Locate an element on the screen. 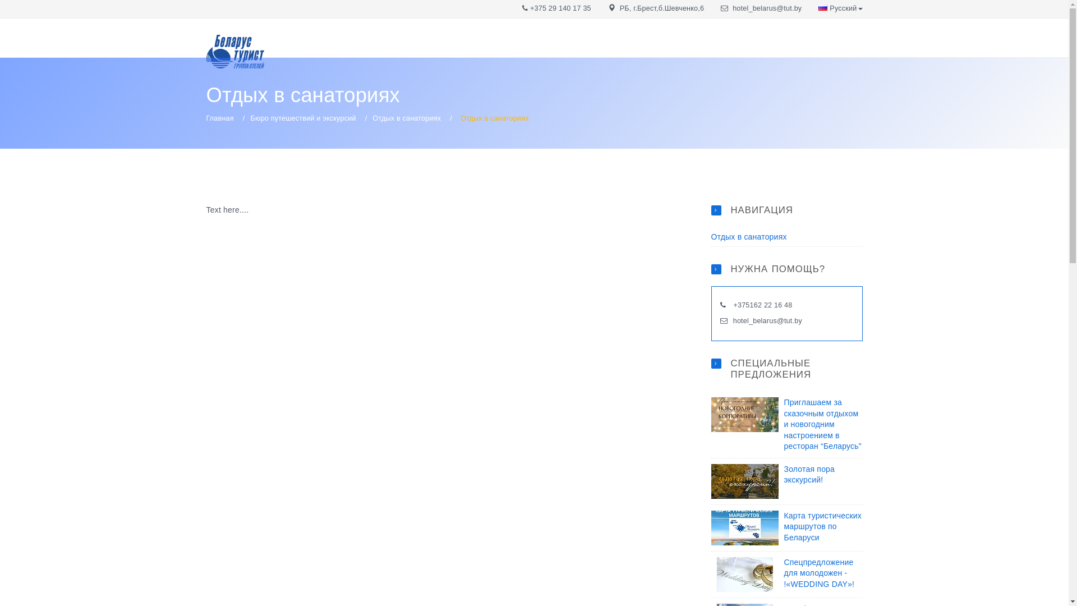 This screenshot has width=1077, height=606. '+375 29 140 17 35' is located at coordinates (560, 8).